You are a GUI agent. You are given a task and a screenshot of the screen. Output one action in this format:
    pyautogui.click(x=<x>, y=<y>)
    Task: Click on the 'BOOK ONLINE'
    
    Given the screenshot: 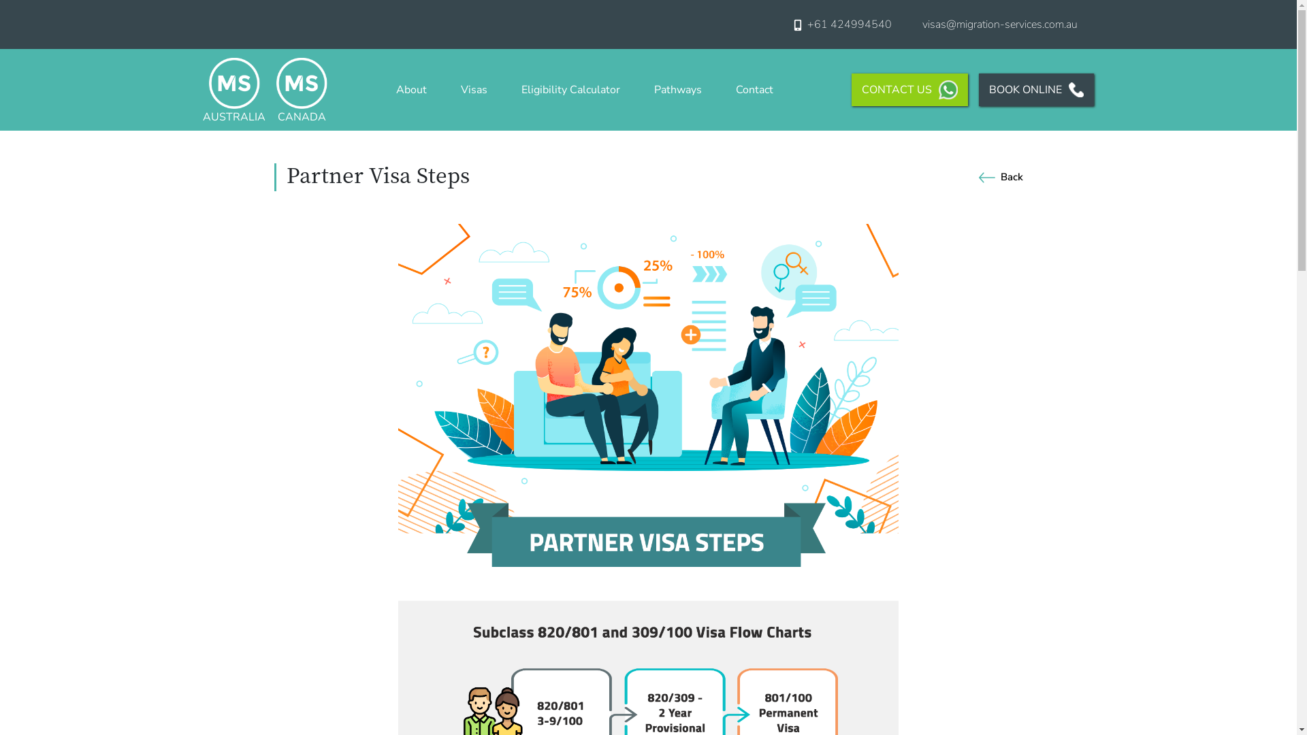 What is the action you would take?
    pyautogui.click(x=1035, y=89)
    